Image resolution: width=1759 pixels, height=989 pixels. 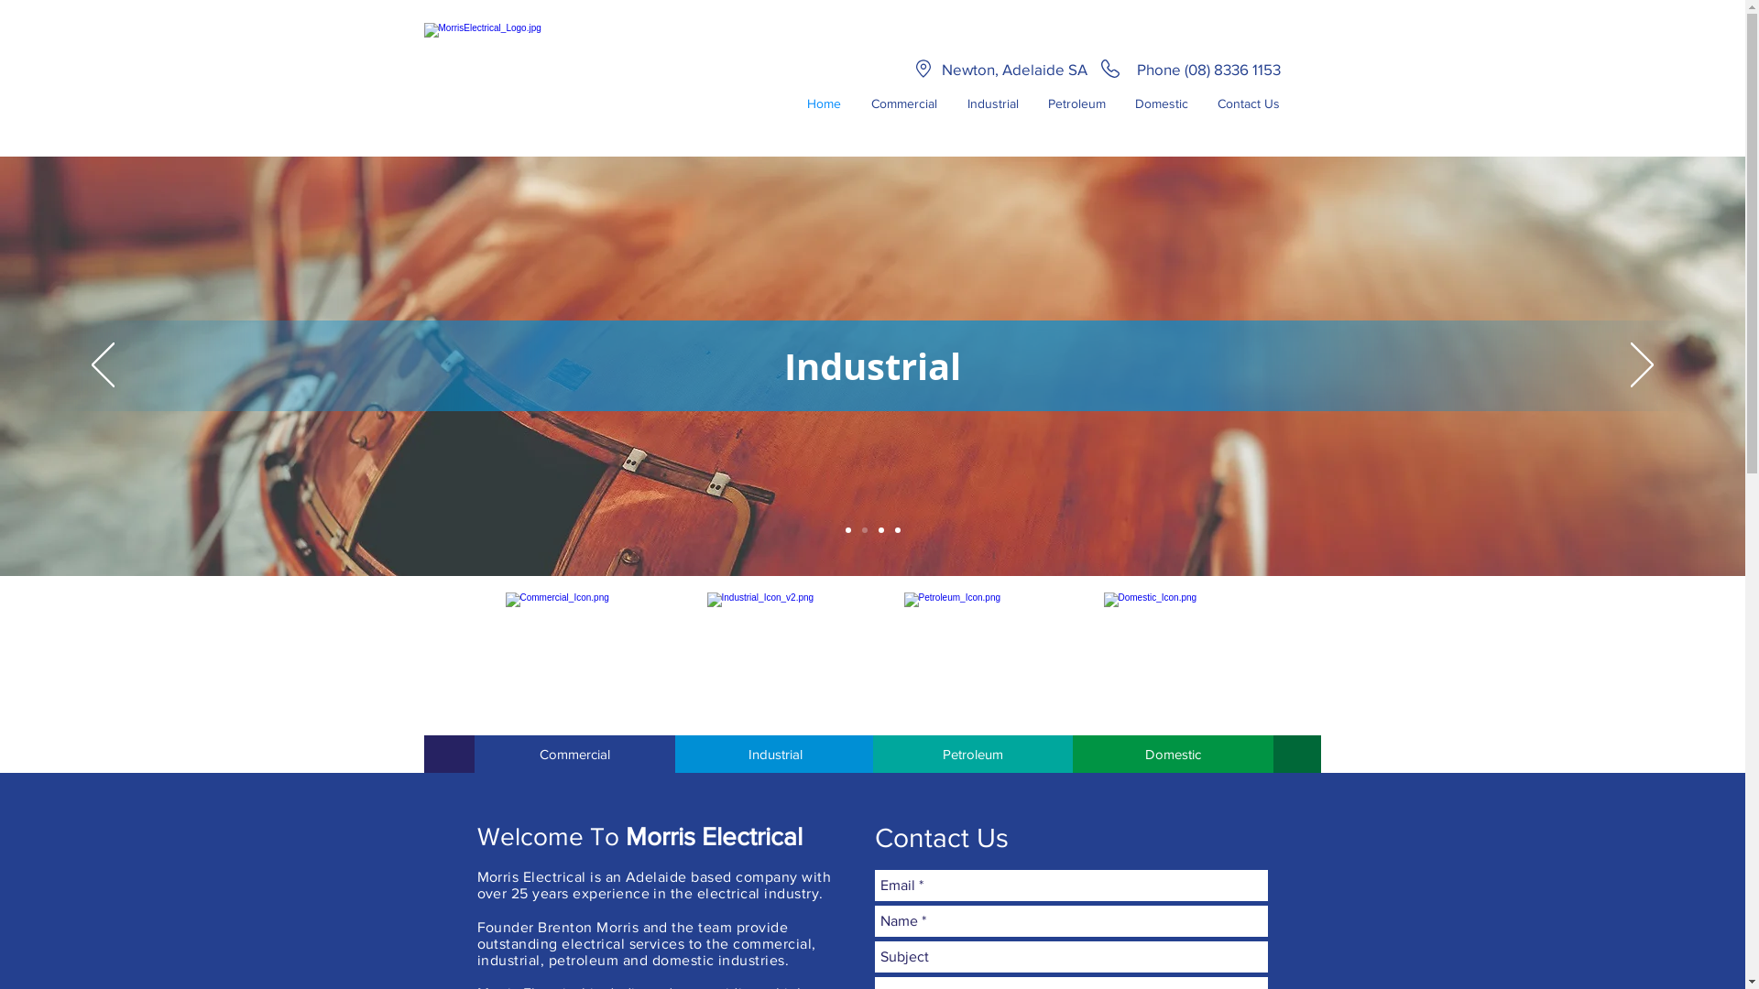 What do you see at coordinates (992, 103) in the screenshot?
I see `'Industrial'` at bounding box center [992, 103].